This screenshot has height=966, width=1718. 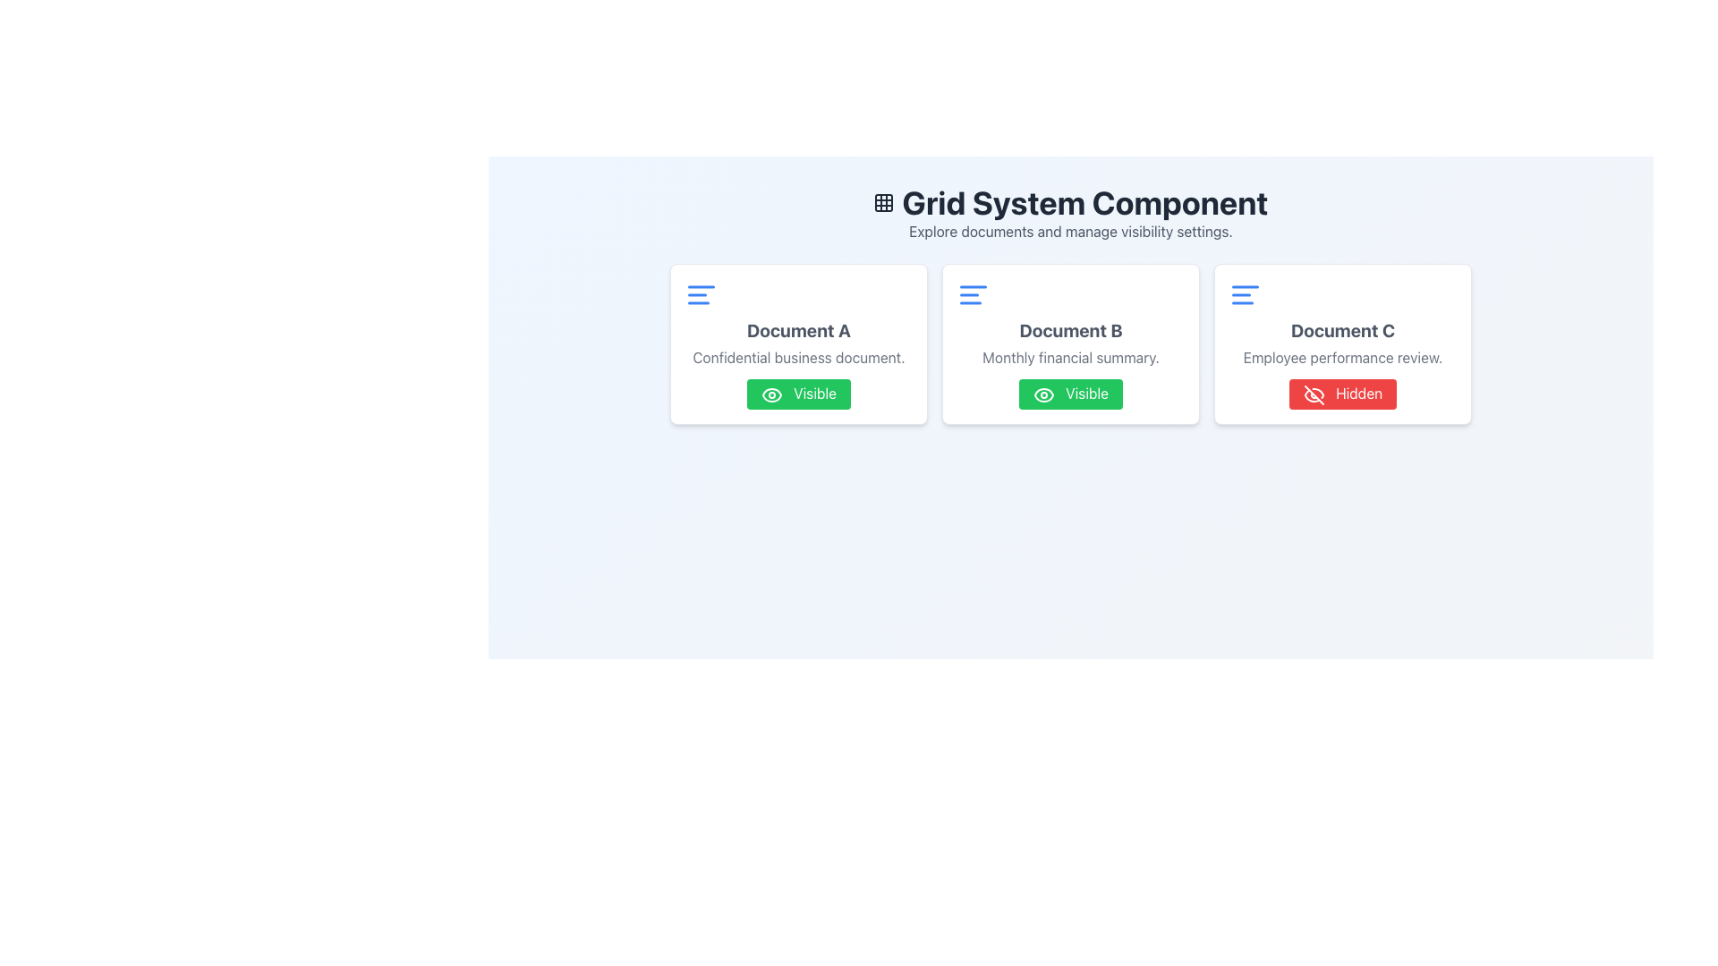 What do you see at coordinates (772, 394) in the screenshot?
I see `the circular eye-shaped icon with a green background located on the left side of the 'Visible' button adjacent to the 'Visible' label in the 'Document A' card` at bounding box center [772, 394].